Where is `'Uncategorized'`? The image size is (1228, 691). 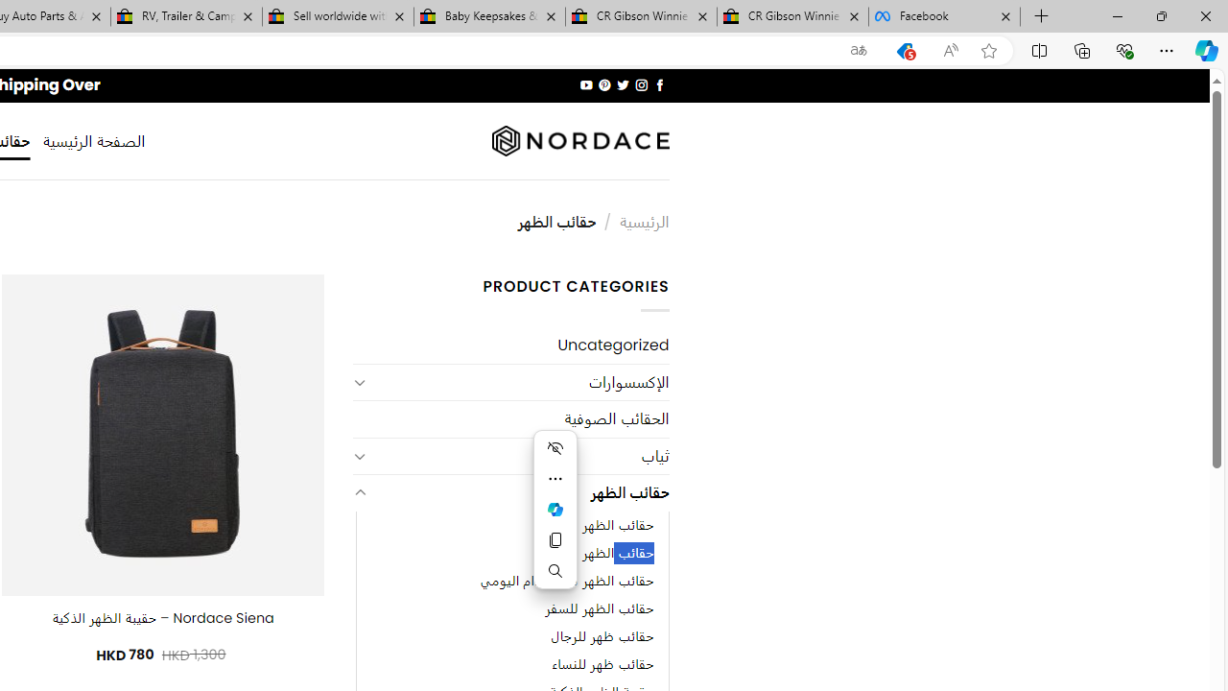
'Uncategorized' is located at coordinates (510, 345).